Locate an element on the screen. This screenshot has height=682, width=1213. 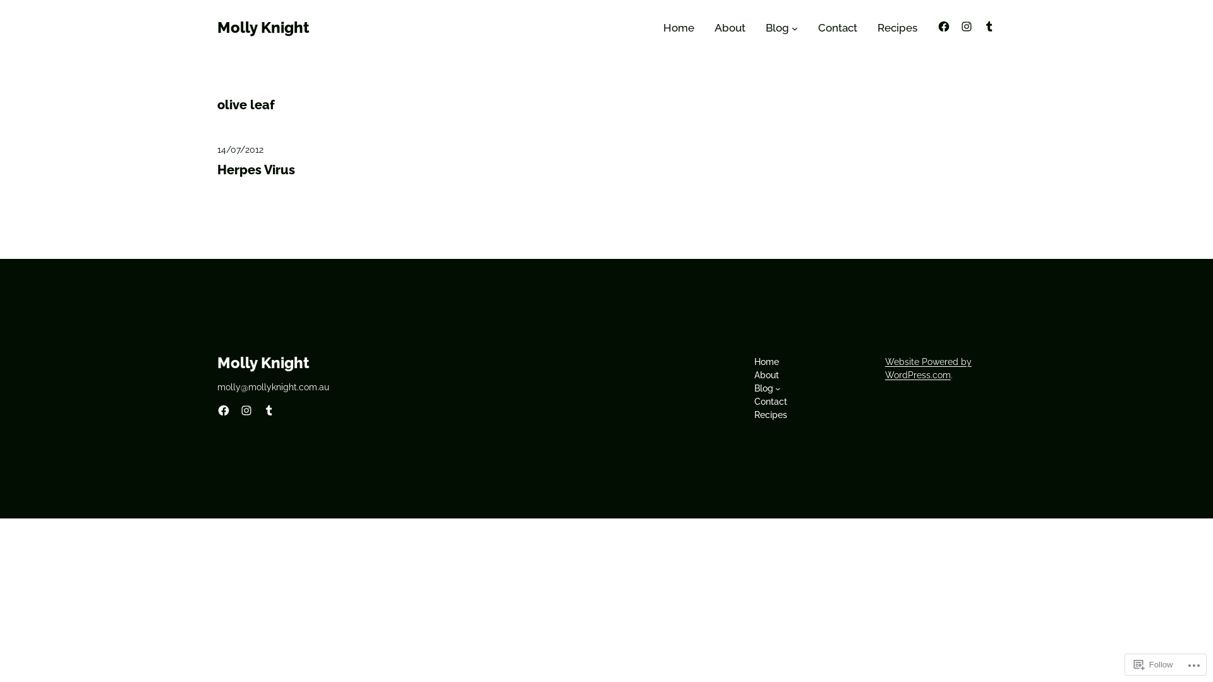
'Molly Knight' is located at coordinates (263, 27).